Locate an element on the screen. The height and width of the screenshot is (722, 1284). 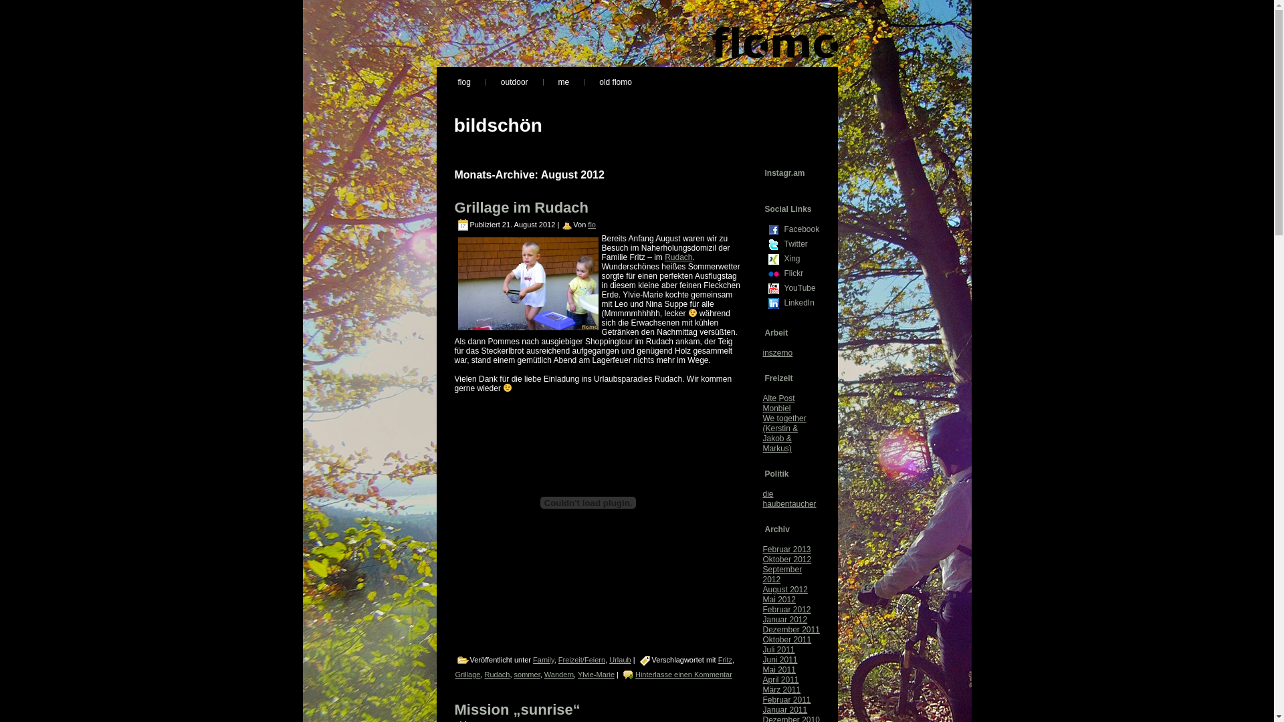
'die haubentaucher' is located at coordinates (789, 499).